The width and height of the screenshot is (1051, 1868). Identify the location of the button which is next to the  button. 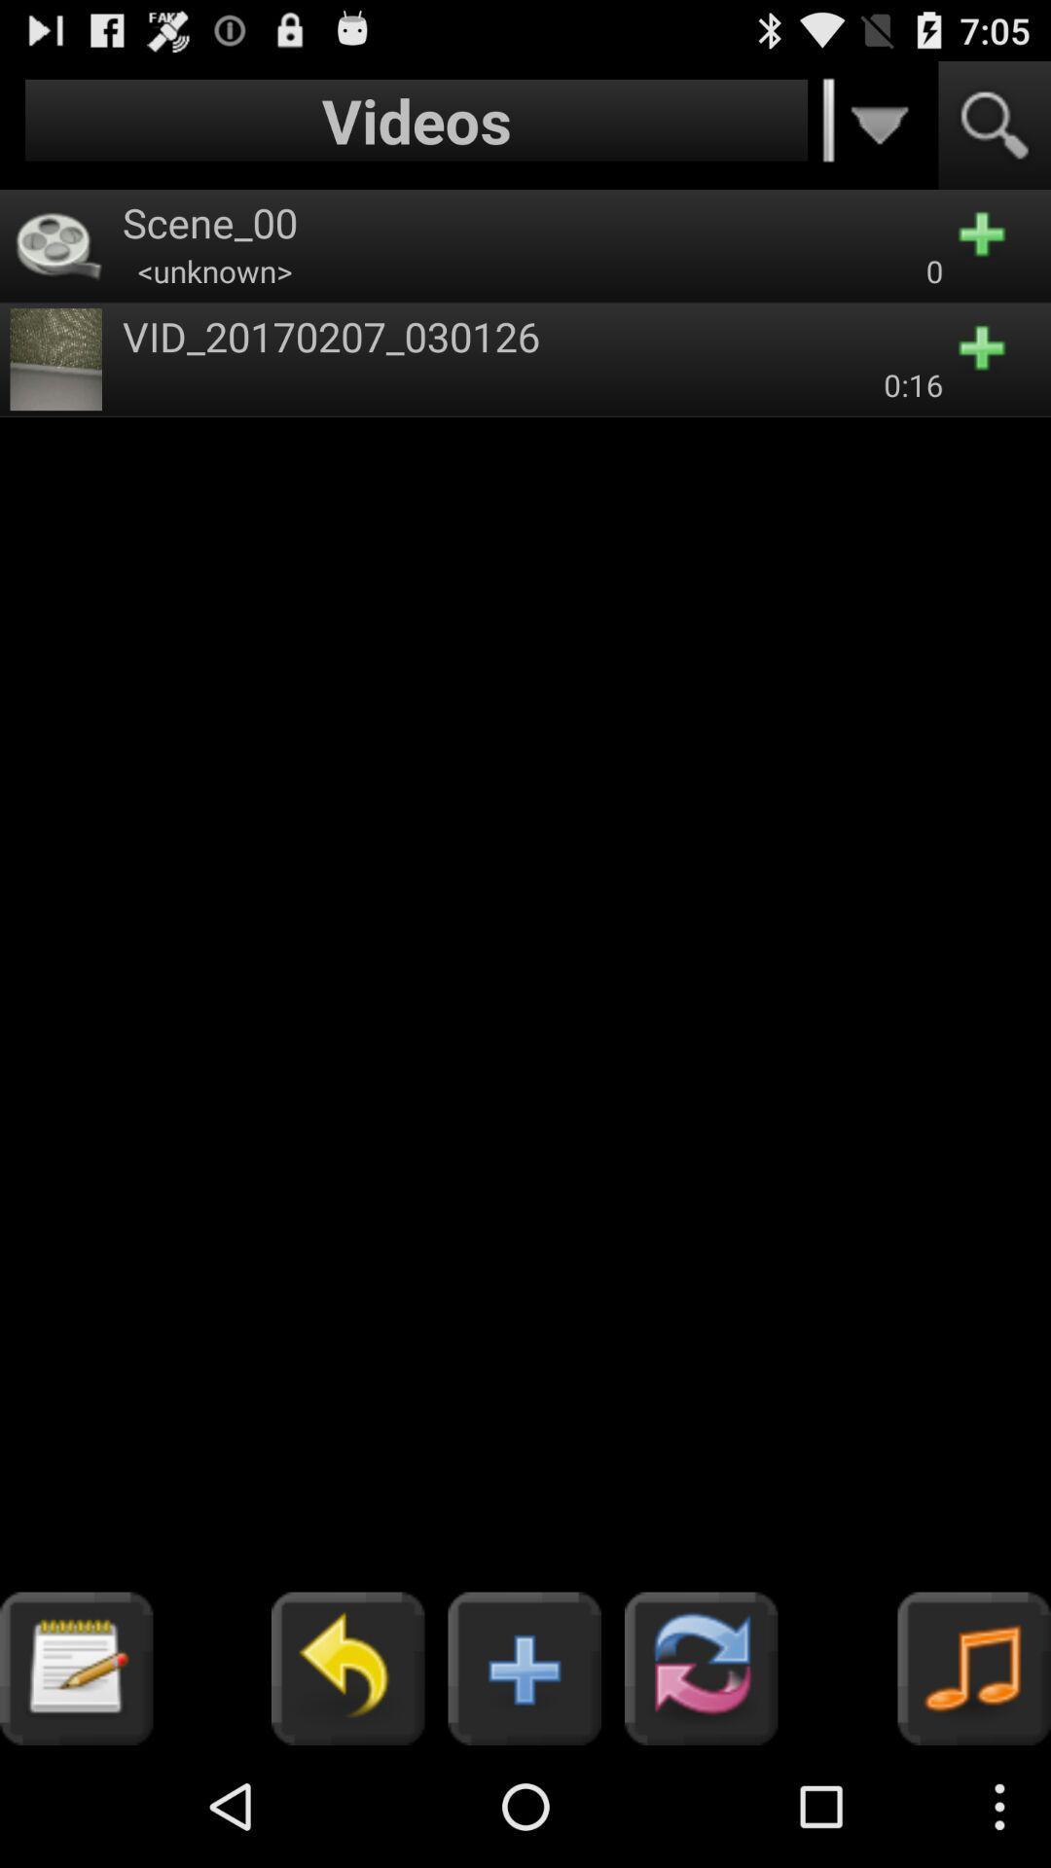
(702, 1668).